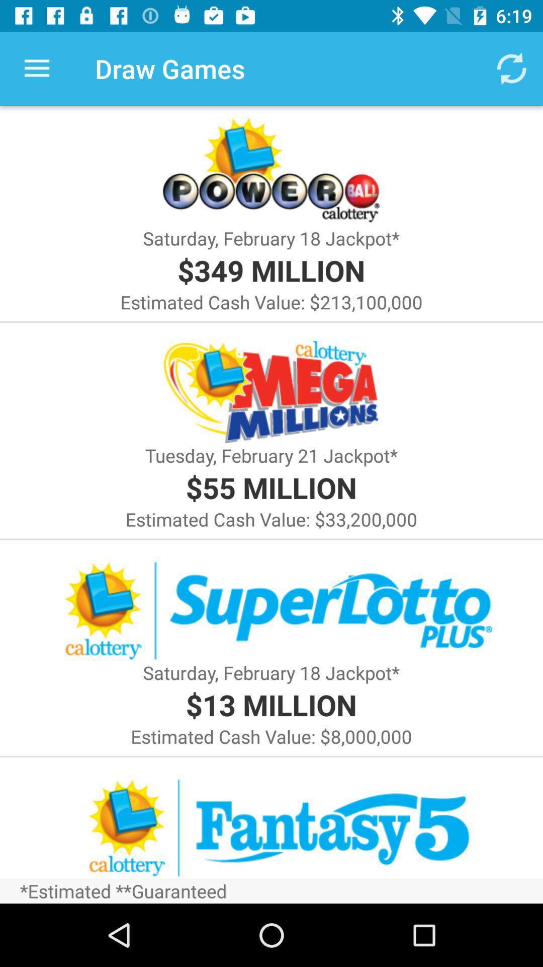  What do you see at coordinates (36, 68) in the screenshot?
I see `icon to the left of the draw games icon` at bounding box center [36, 68].